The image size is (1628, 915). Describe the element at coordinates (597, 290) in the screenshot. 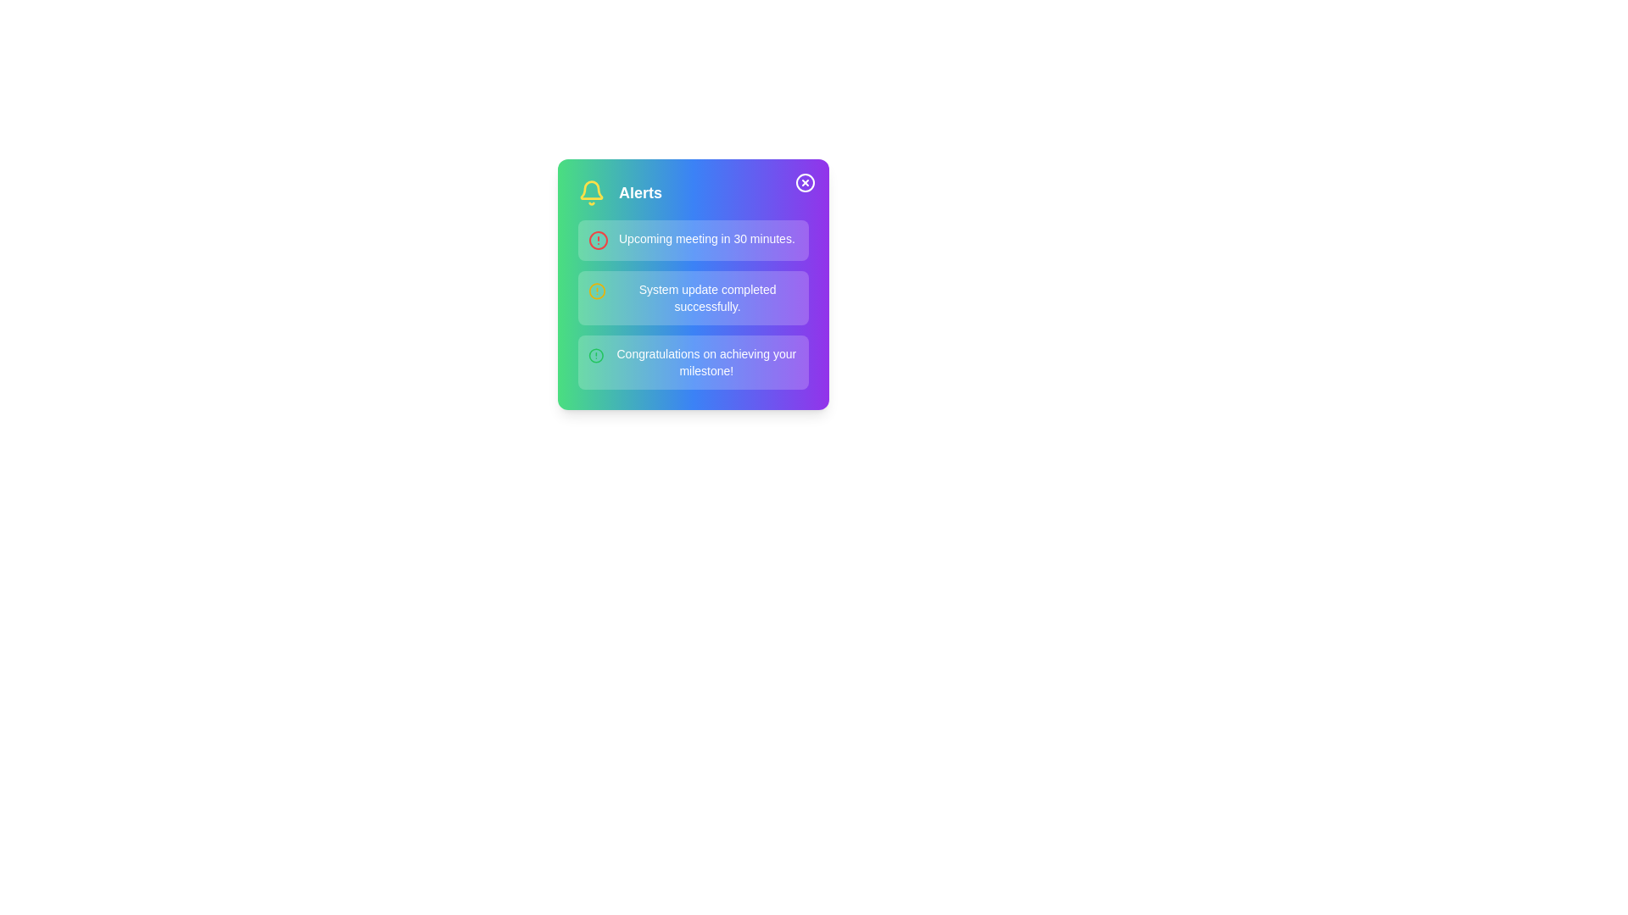

I see `the circular alert icon with a yellow outline located in the second row of the notification list, directly to the left of the text 'System update completed successfully.'` at that location.